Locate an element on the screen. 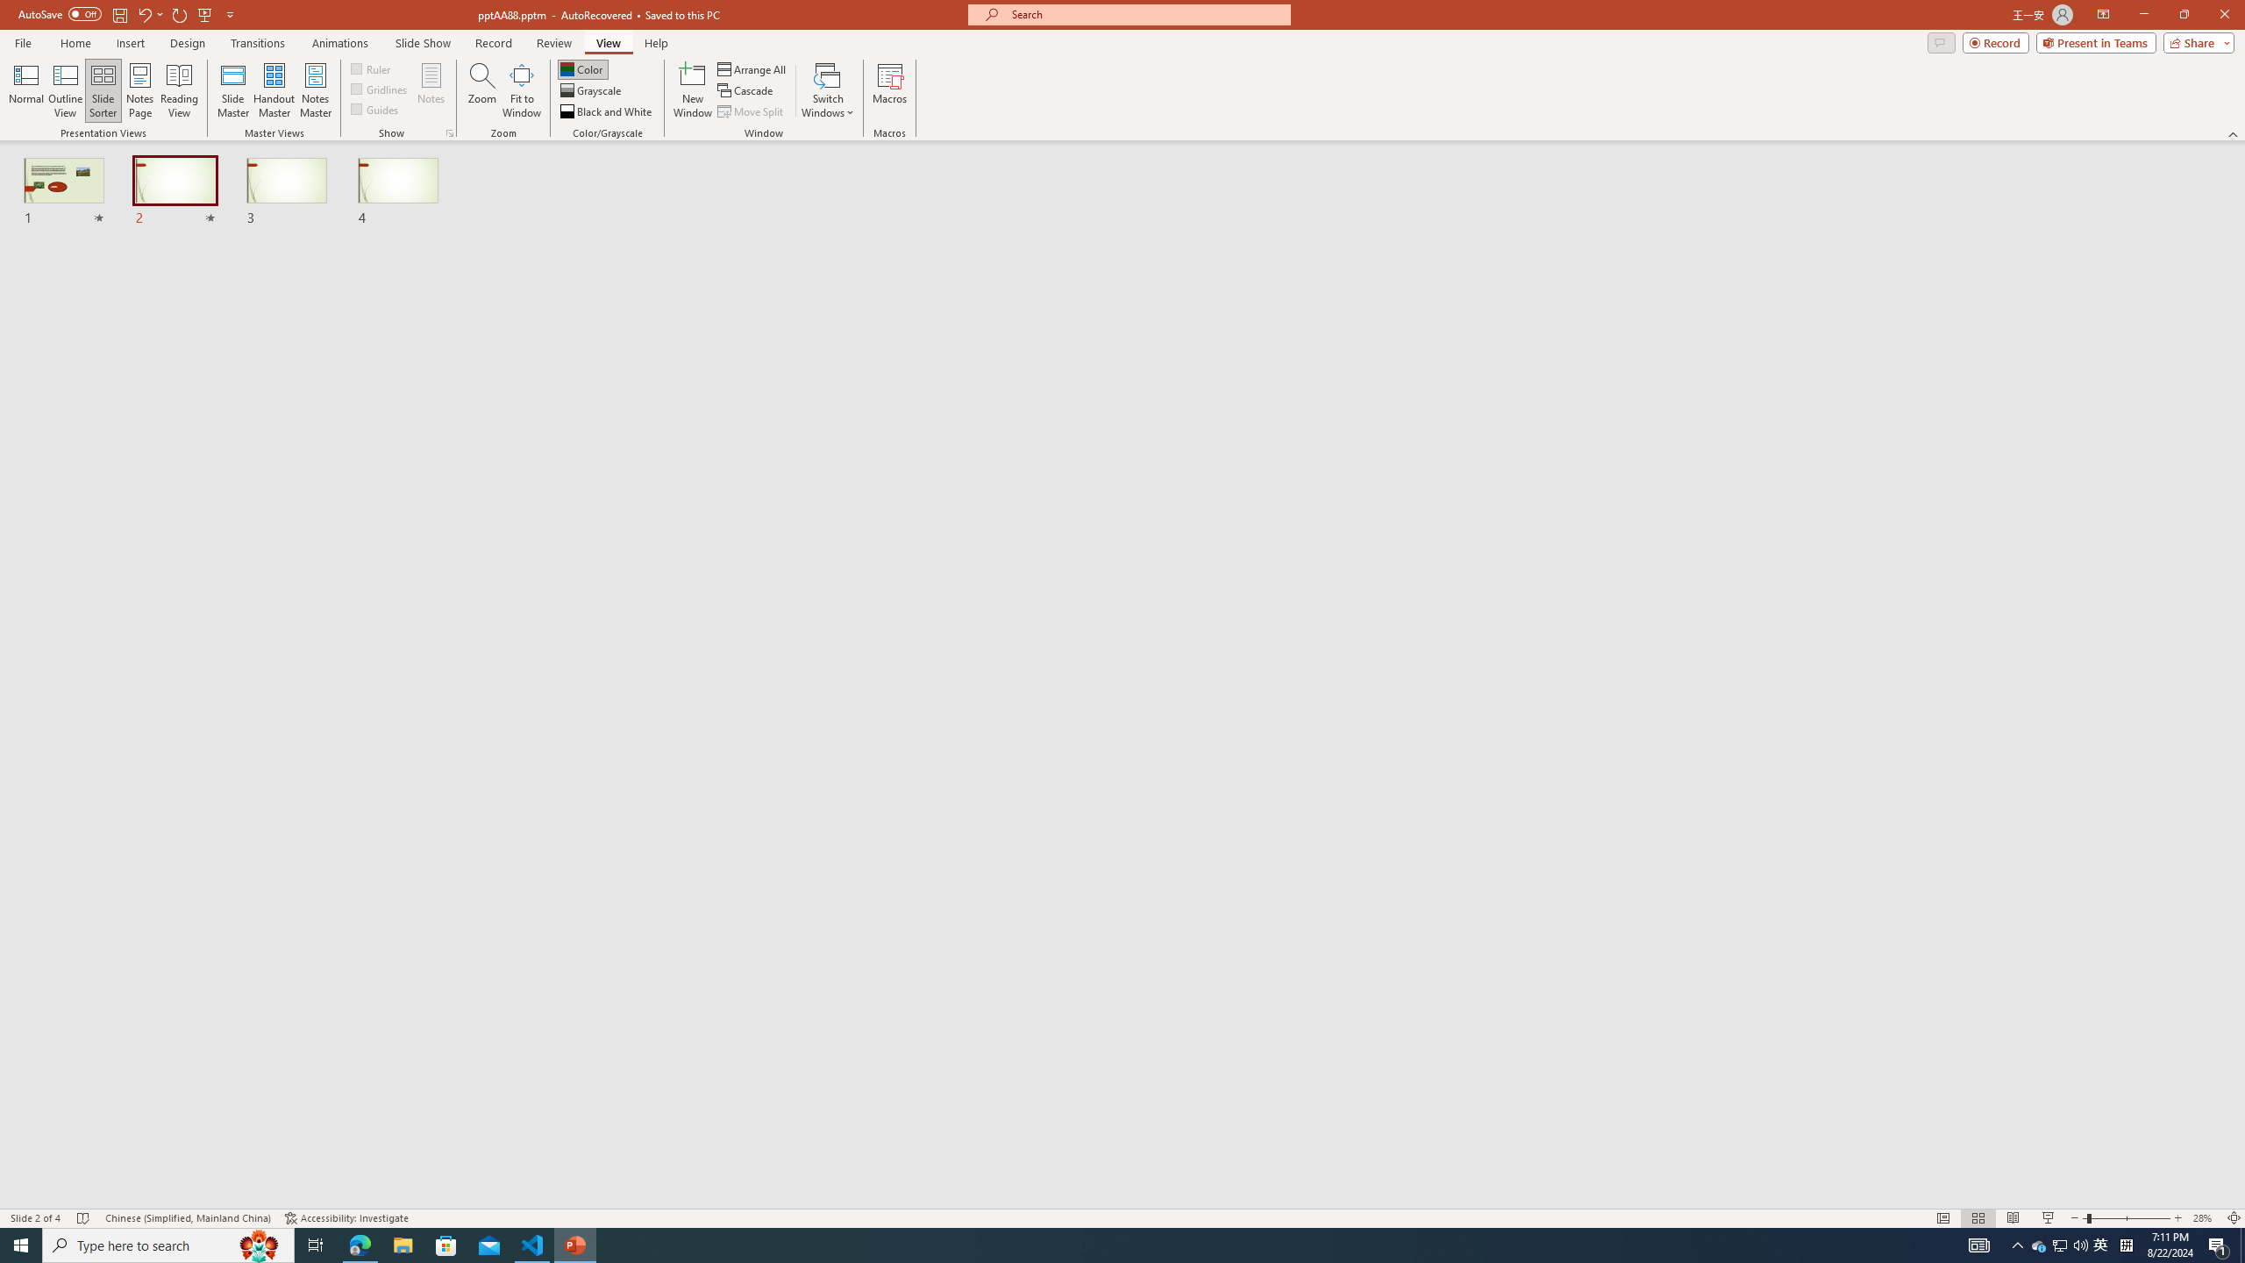 The width and height of the screenshot is (2245, 1263). 'Notes' is located at coordinates (430, 90).